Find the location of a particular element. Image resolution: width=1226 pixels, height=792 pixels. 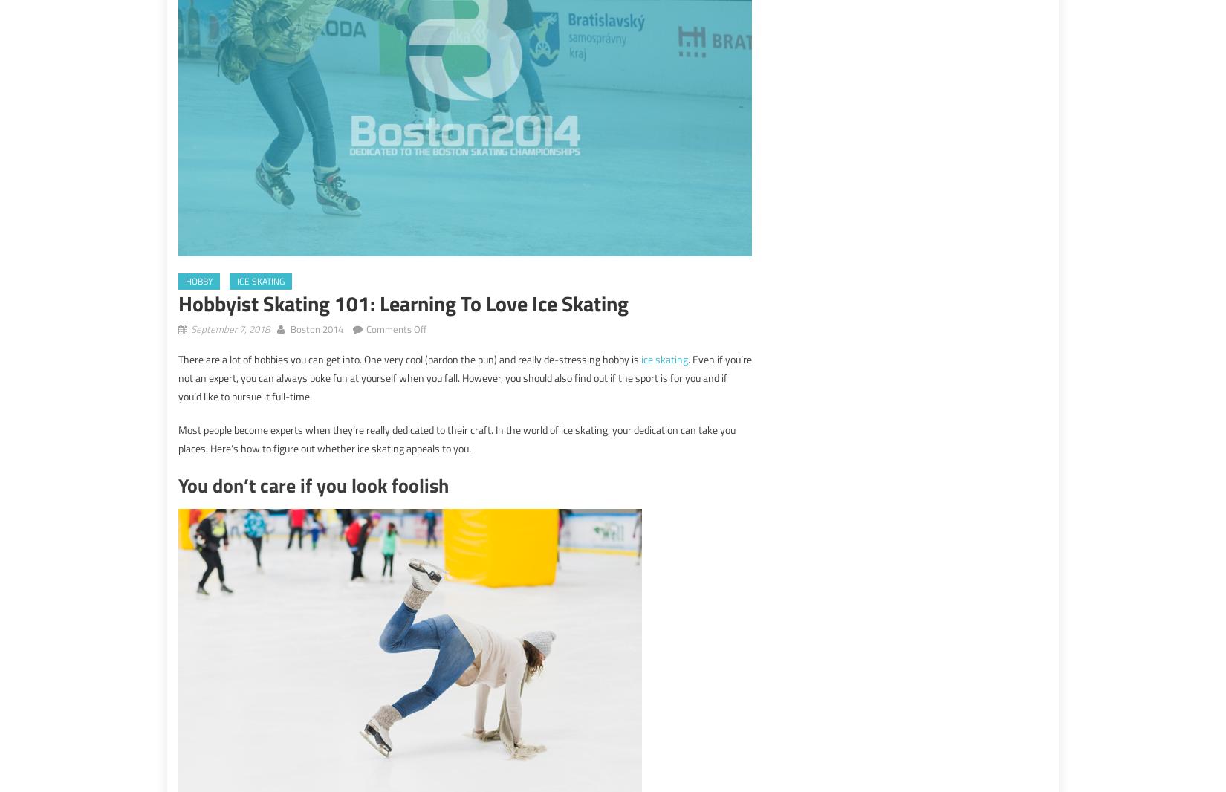

'hobby' is located at coordinates (198, 281).